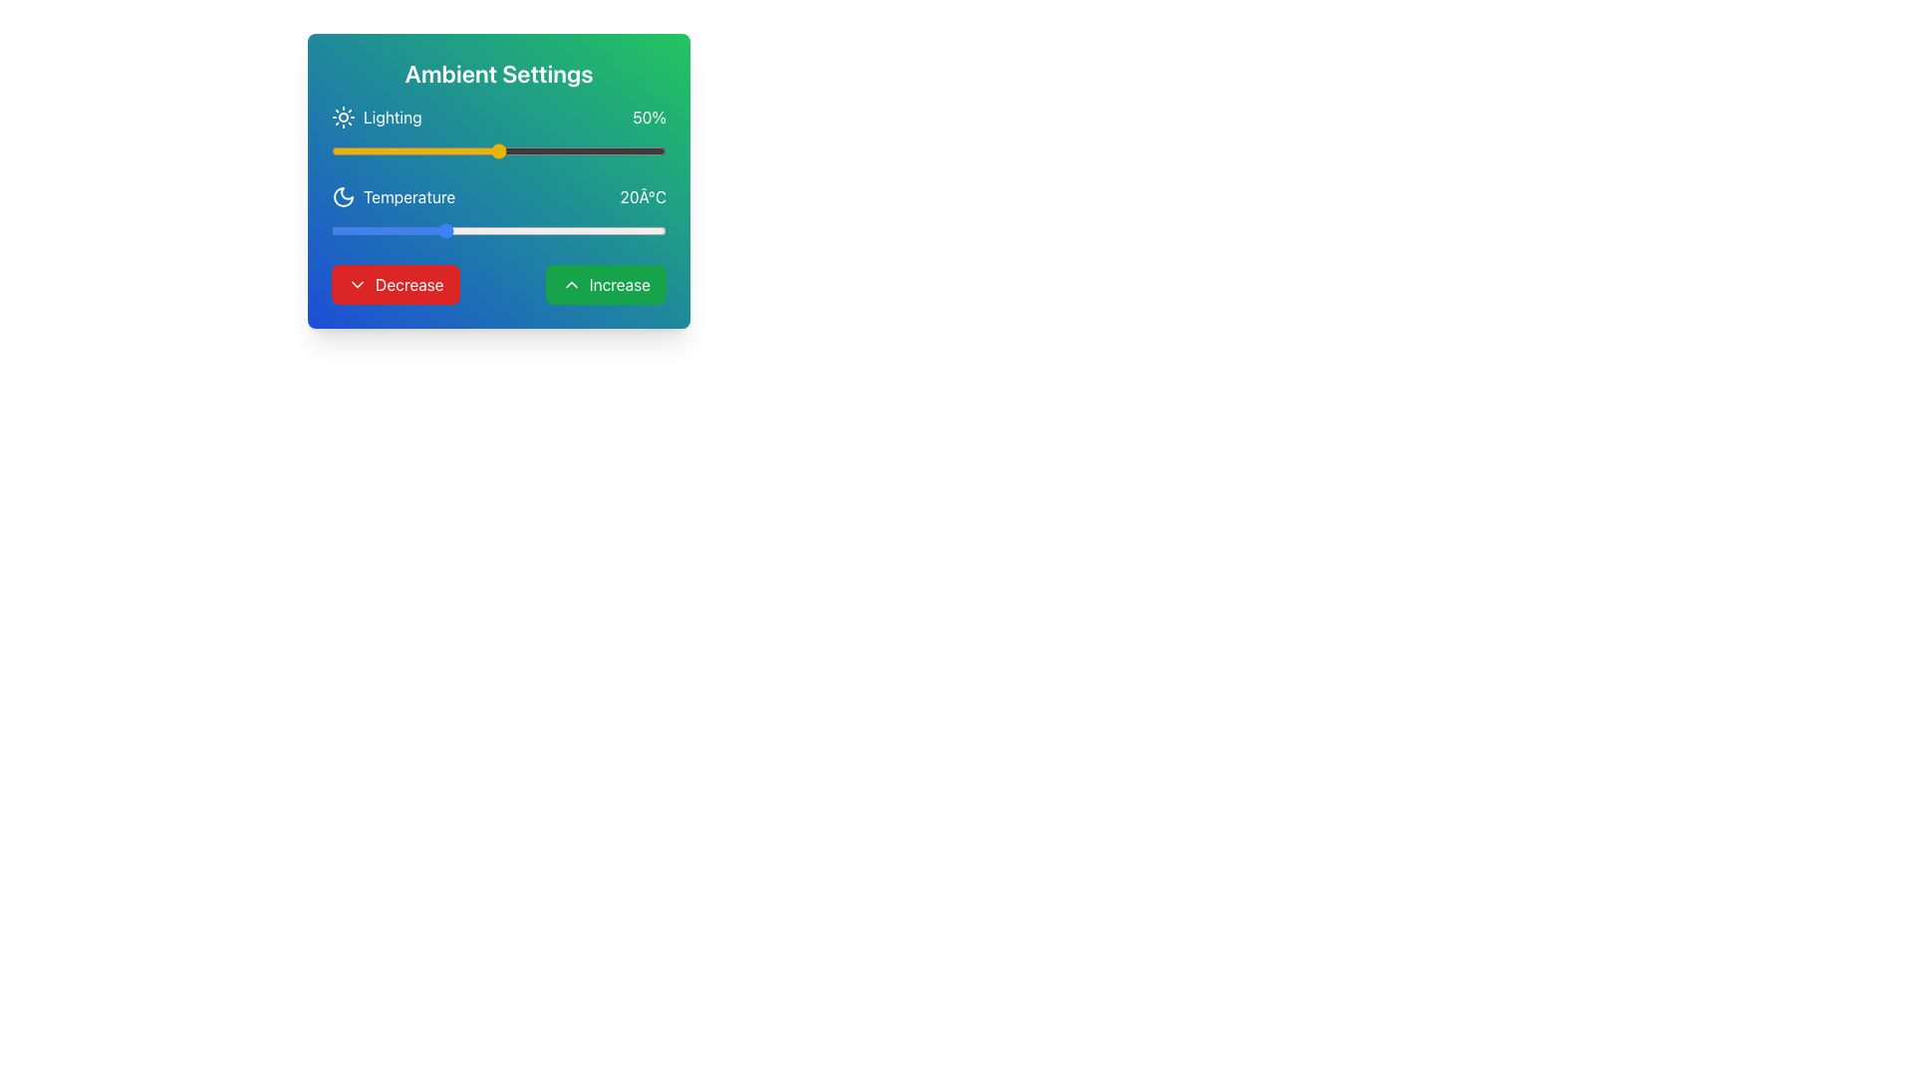 Image resolution: width=1913 pixels, height=1076 pixels. I want to click on the stylized sun icon located to the left of the 'Lighting' label in the top-left section of the 'Ambient Settings' card, so click(344, 118).